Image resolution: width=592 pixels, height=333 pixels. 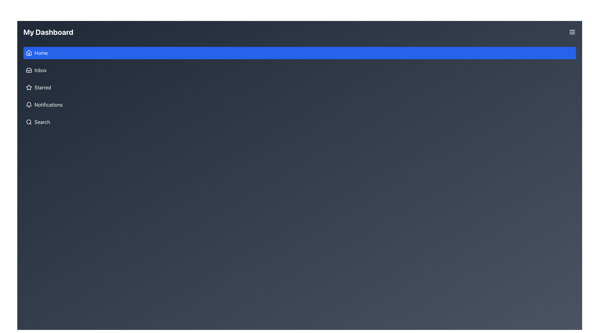 What do you see at coordinates (41, 53) in the screenshot?
I see `the 'Home' text label, which is displayed in white on a blue background and is located to the right of the house icon in the vertical navigation menu` at bounding box center [41, 53].